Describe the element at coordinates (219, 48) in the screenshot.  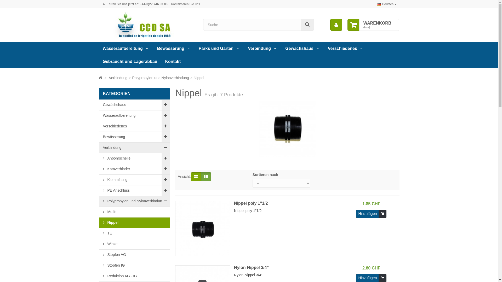
I see `'Parks und Garten'` at that location.